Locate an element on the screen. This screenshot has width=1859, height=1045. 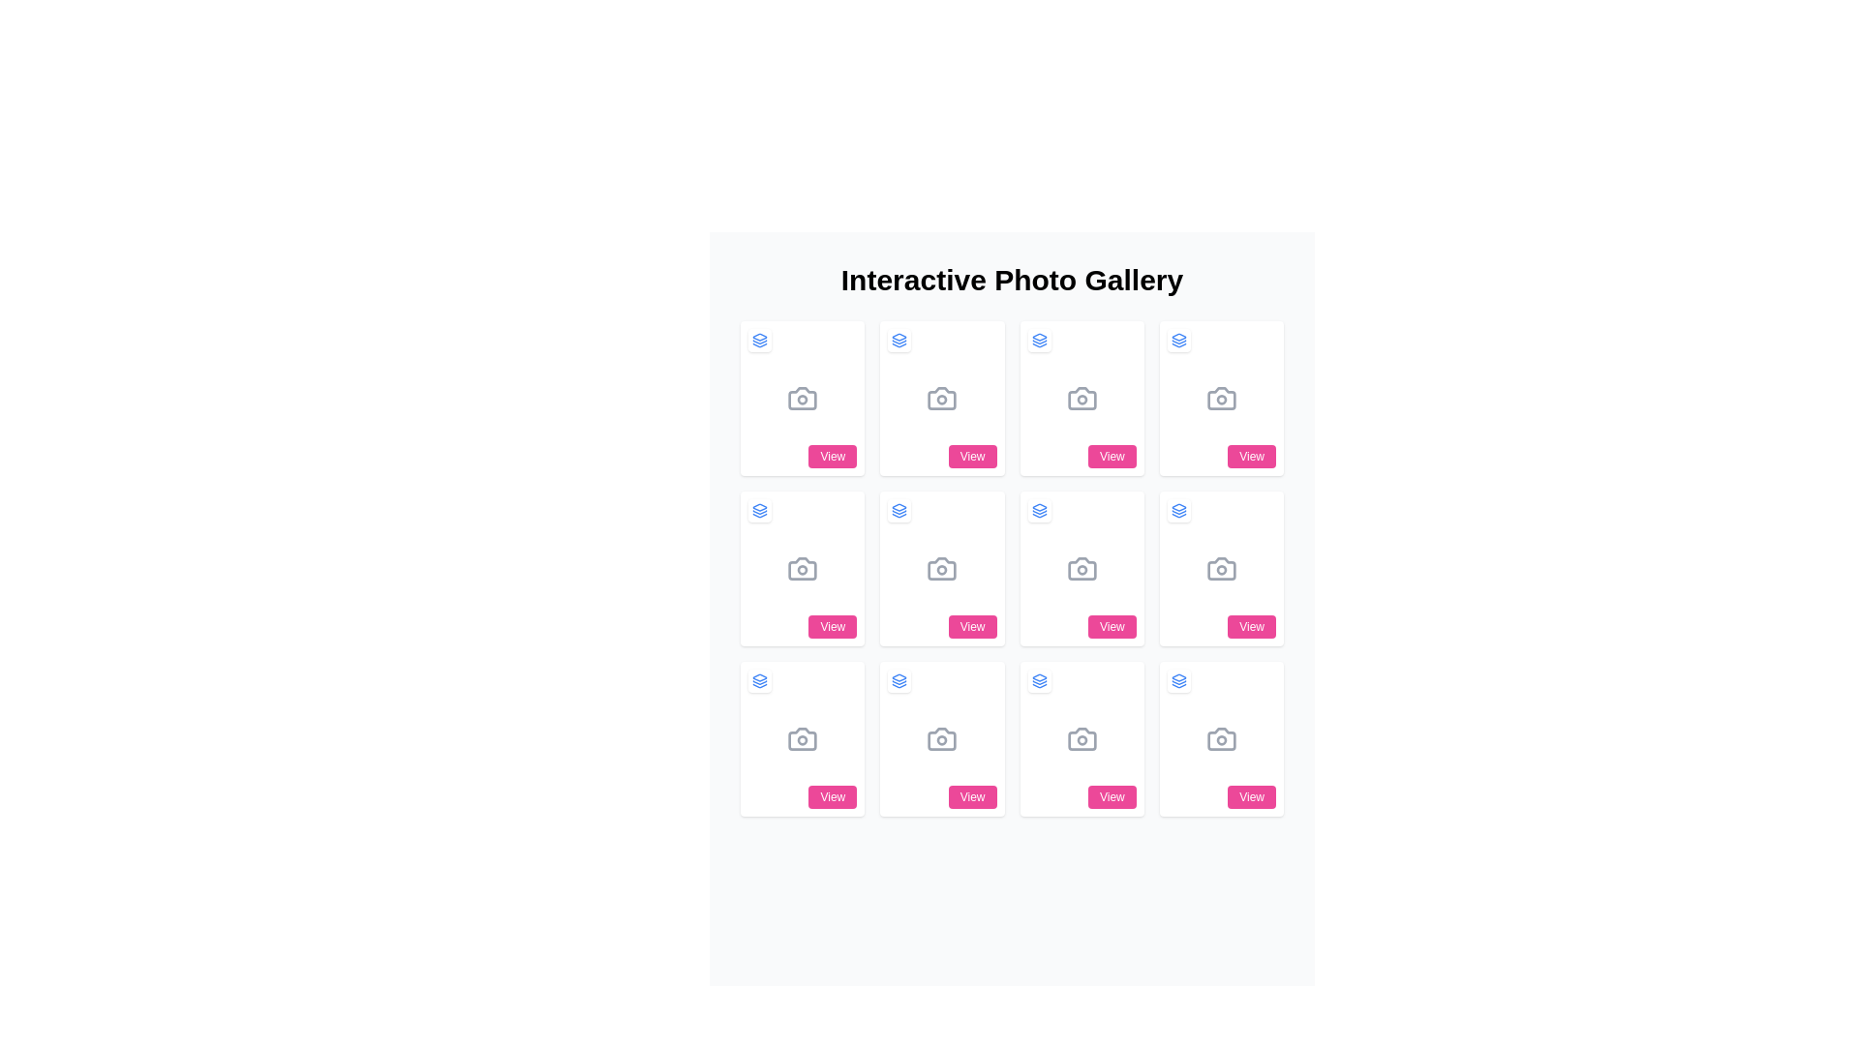
the third card in the top row of the four-column grid layout, located below the title 'Interactive Photo Gallery' is located at coordinates (1081, 398).